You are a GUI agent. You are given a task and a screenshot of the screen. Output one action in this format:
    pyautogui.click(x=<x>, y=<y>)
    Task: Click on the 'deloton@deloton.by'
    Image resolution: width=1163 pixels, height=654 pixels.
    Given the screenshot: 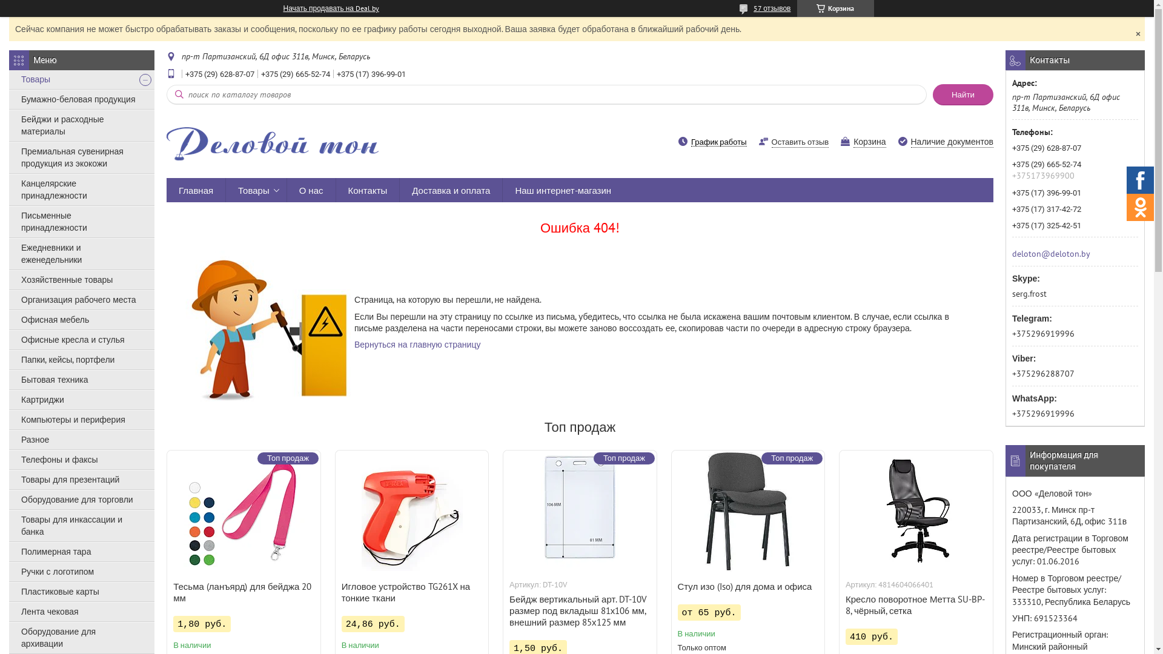 What is the action you would take?
    pyautogui.click(x=1012, y=252)
    